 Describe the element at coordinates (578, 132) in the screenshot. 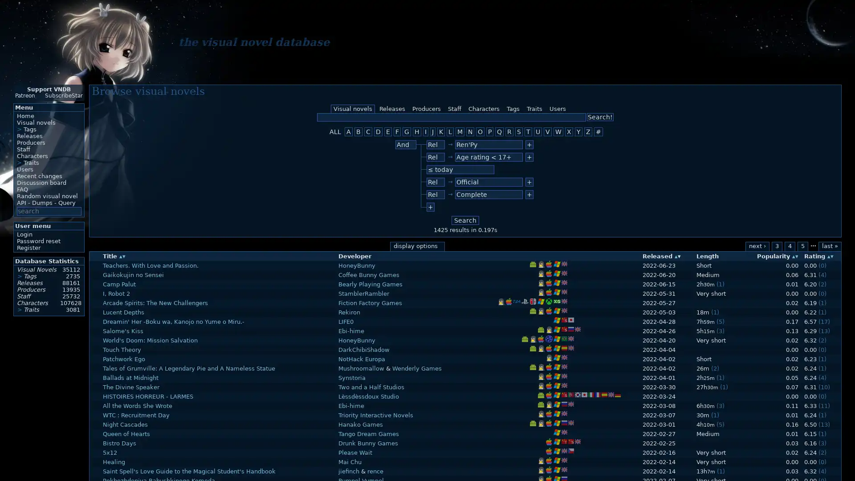

I see `Y` at that location.